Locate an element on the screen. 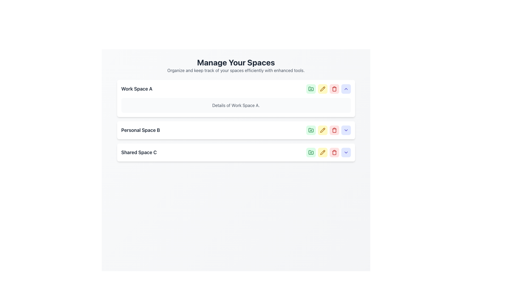  the downward-pointing chevron icon within the 'Toggle Details' button, located at the bottom-right corner of the 'Work Space A' section is located at coordinates (346, 152).